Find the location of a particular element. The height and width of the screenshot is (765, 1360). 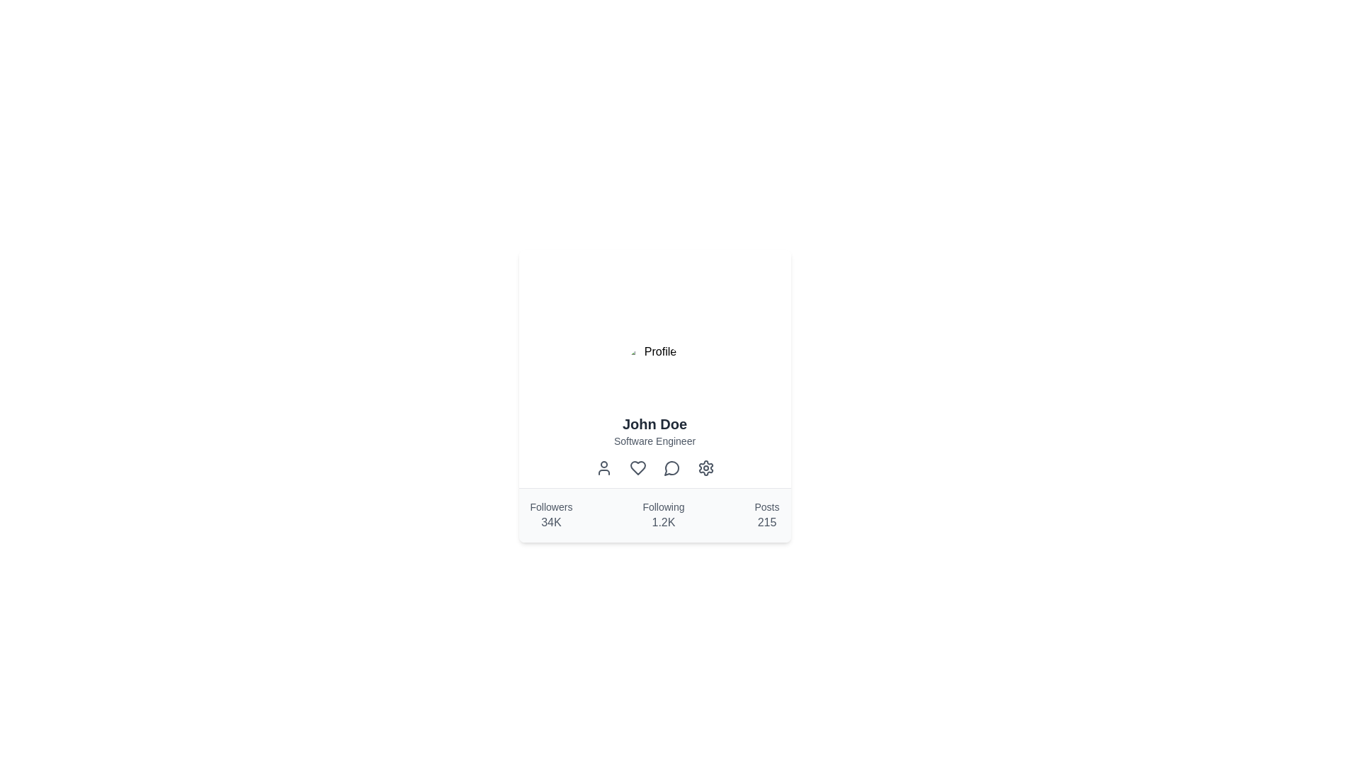

the heart icon, which is the second interactive icon from the left beneath the username 'John Doe' and job title 'Software Engineer' is located at coordinates (637, 467).